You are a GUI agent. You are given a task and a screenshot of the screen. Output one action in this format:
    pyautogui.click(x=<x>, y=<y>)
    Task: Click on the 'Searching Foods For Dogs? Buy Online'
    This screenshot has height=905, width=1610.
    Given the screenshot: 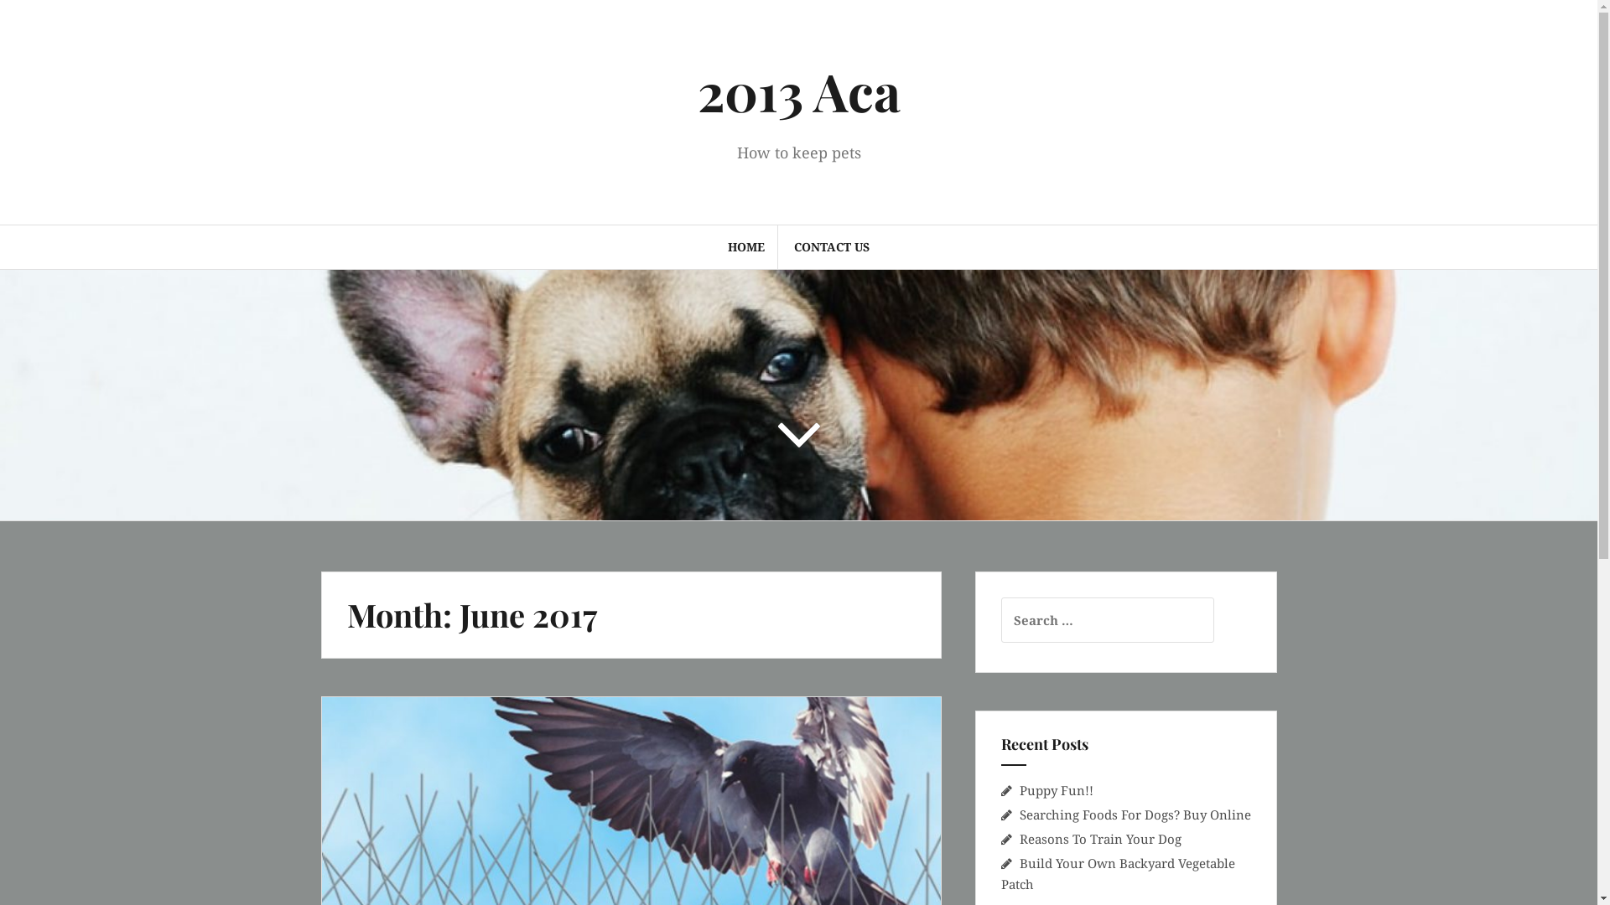 What is the action you would take?
    pyautogui.click(x=1135, y=814)
    